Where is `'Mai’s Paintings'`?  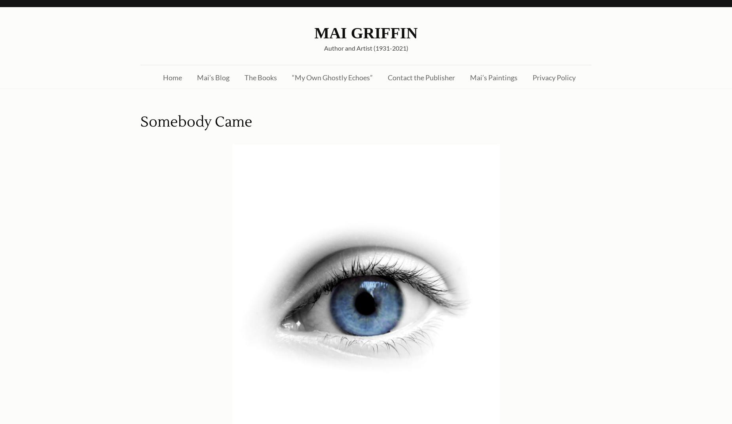
'Mai’s Paintings' is located at coordinates (493, 77).